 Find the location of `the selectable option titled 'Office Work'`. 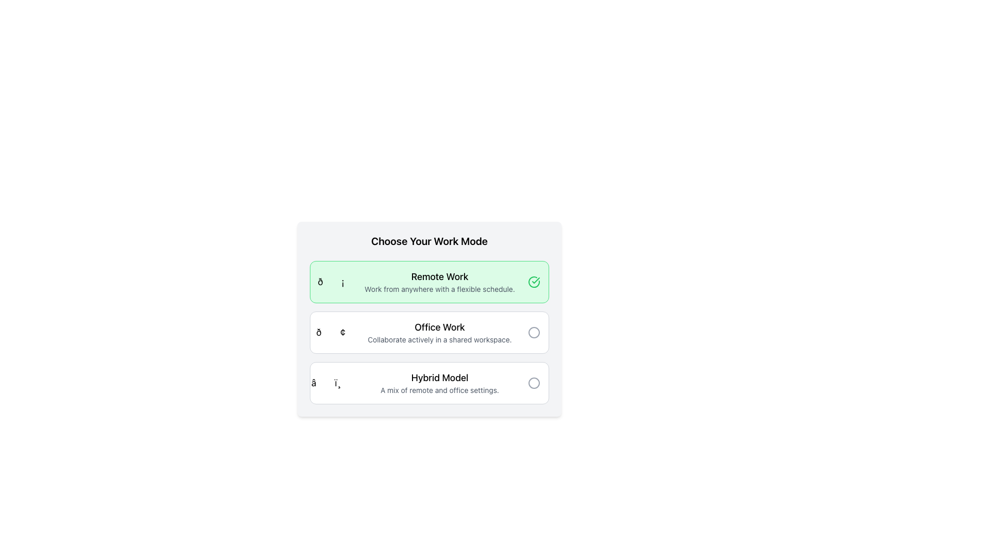

the selectable option titled 'Office Work' is located at coordinates (430, 318).